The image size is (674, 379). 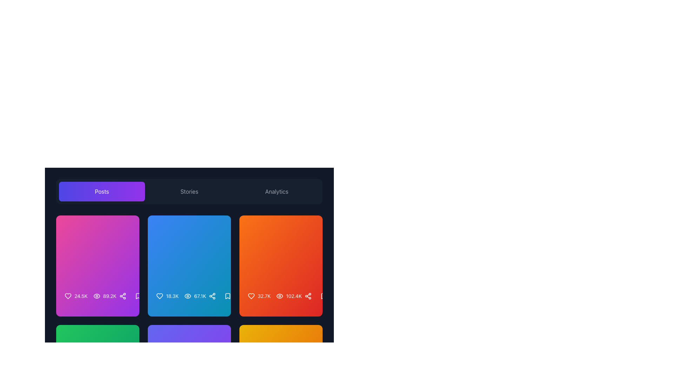 I want to click on the eye icon SVG located in the bottom right corner of the first card in the first row, which is designed to indicate visibility or viewing options, so click(x=96, y=296).